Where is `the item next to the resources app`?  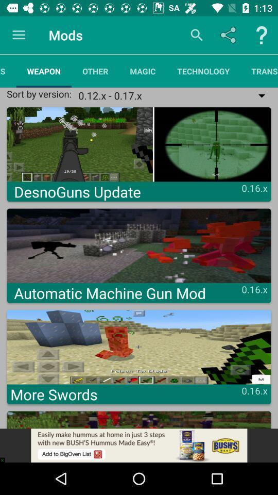
the item next to the resources app is located at coordinates (43, 71).